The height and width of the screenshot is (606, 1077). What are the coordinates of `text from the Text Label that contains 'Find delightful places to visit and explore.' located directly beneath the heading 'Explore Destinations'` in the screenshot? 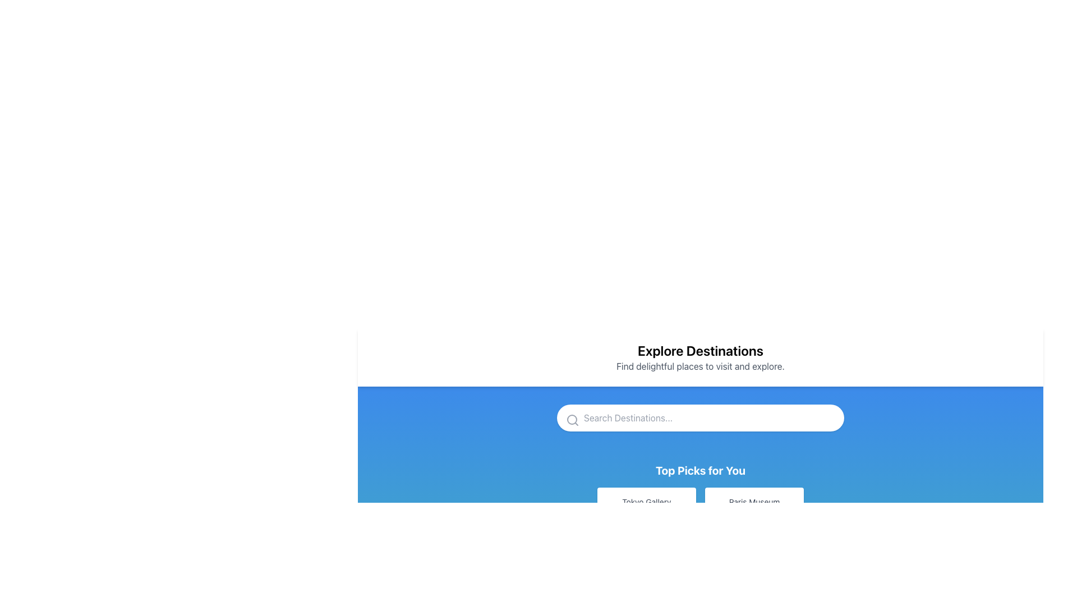 It's located at (699, 366).